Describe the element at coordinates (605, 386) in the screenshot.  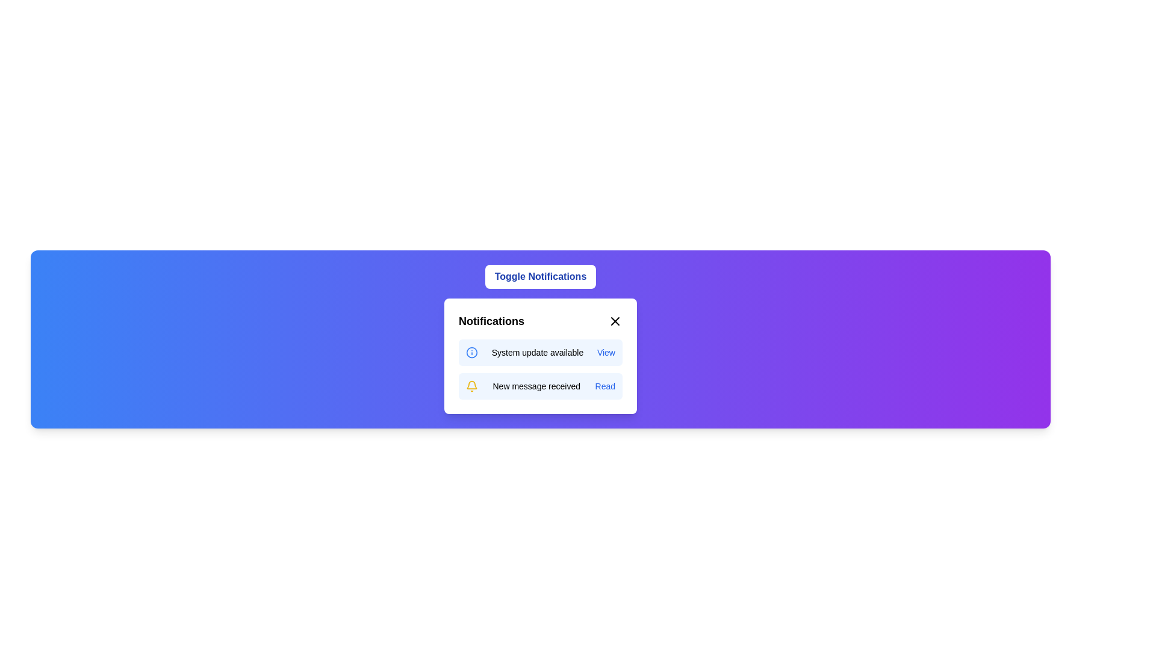
I see `the 'Read' link text, which is blue and underlined, positioned at the top-right corner of the notification card` at that location.